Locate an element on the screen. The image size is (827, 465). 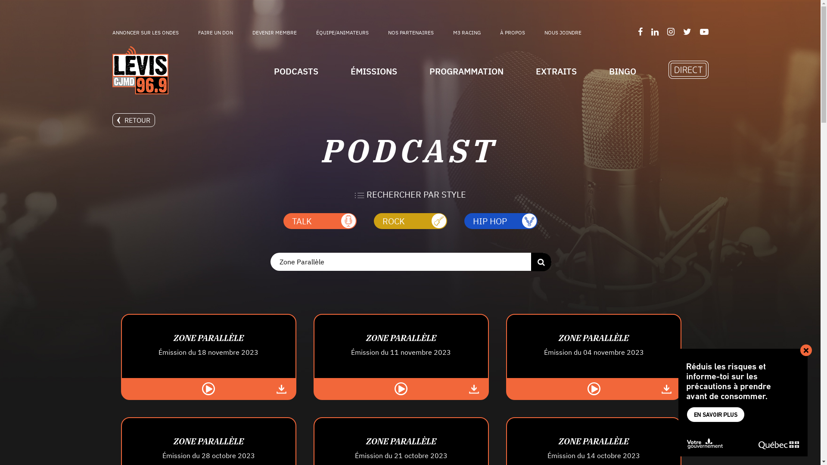
'EXTRAITS' is located at coordinates (556, 71).